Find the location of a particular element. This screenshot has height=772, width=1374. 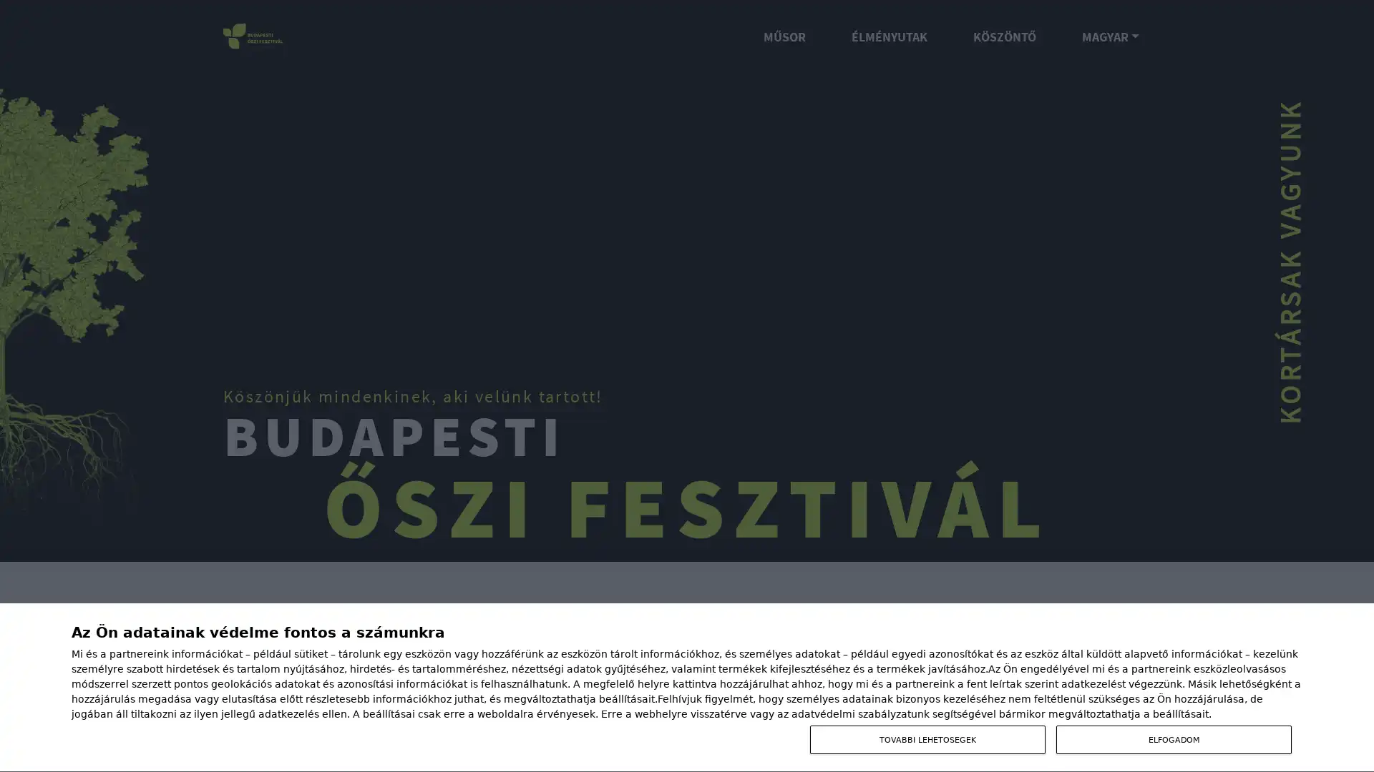

TOVABBI LEHETOSEGEK is located at coordinates (927, 739).